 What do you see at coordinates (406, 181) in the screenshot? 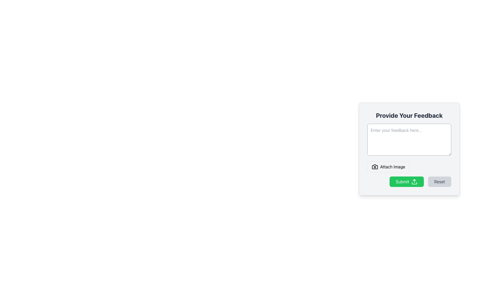
I see `the green 'Submit' button with rounded corners, which contains white text and an upload icon on the right side` at bounding box center [406, 181].